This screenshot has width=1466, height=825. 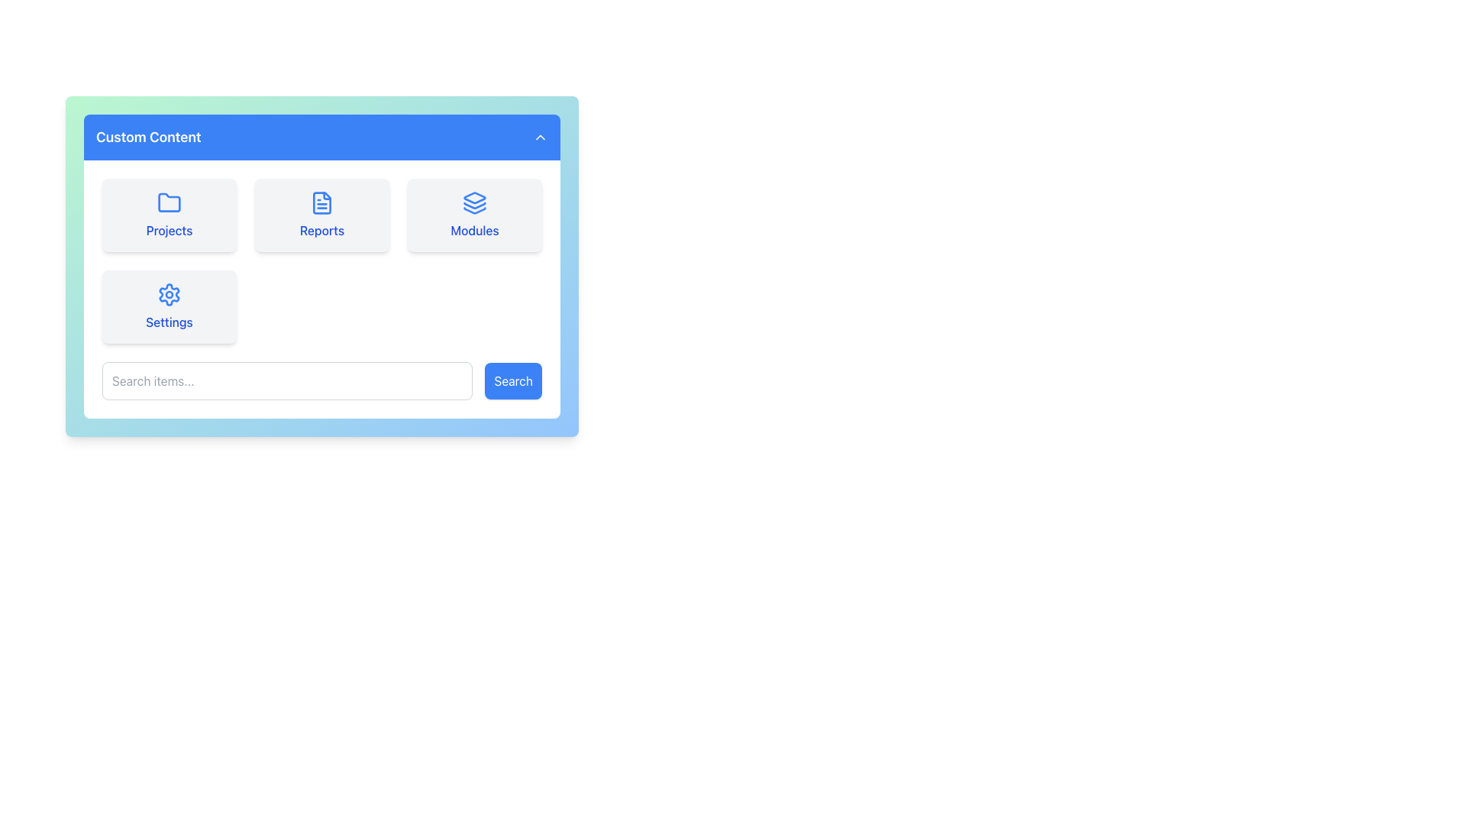 What do you see at coordinates (474, 202) in the screenshot?
I see `the 'Modules' card icon located within the third card of the top-row group in the main content area of the interface` at bounding box center [474, 202].